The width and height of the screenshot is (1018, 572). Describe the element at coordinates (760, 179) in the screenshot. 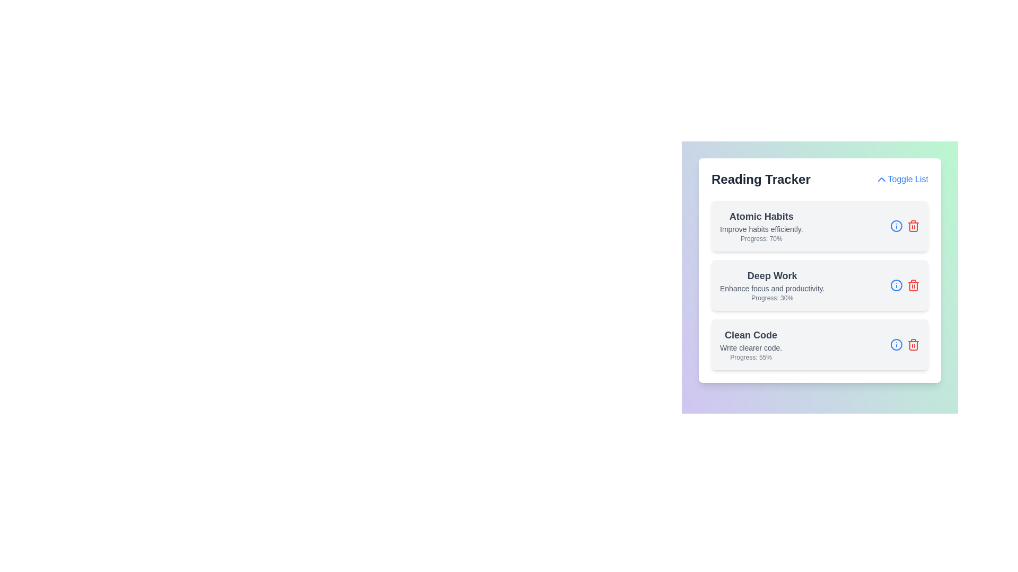

I see `the 'Reading Tracker' text label, which is bold and large, located at the top left of its panel` at that location.